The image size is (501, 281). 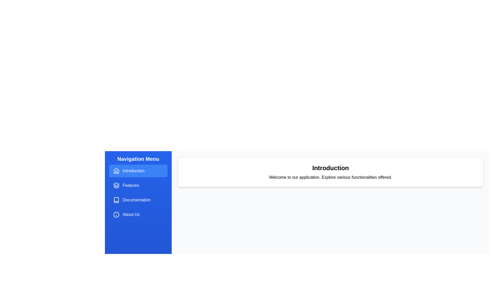 I want to click on the graphical representation of the circular 'info' icon with a blue background and white outline located in the 'About Us' section of the navigation menu, so click(x=116, y=215).